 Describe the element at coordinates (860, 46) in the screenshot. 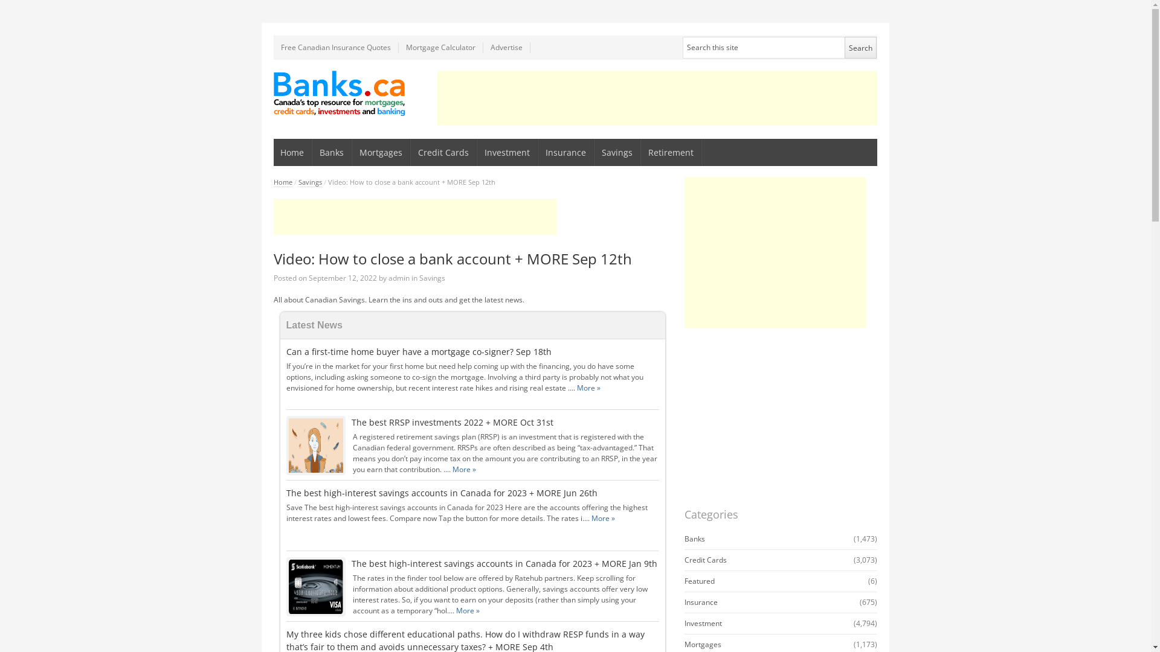

I see `'Search'` at that location.